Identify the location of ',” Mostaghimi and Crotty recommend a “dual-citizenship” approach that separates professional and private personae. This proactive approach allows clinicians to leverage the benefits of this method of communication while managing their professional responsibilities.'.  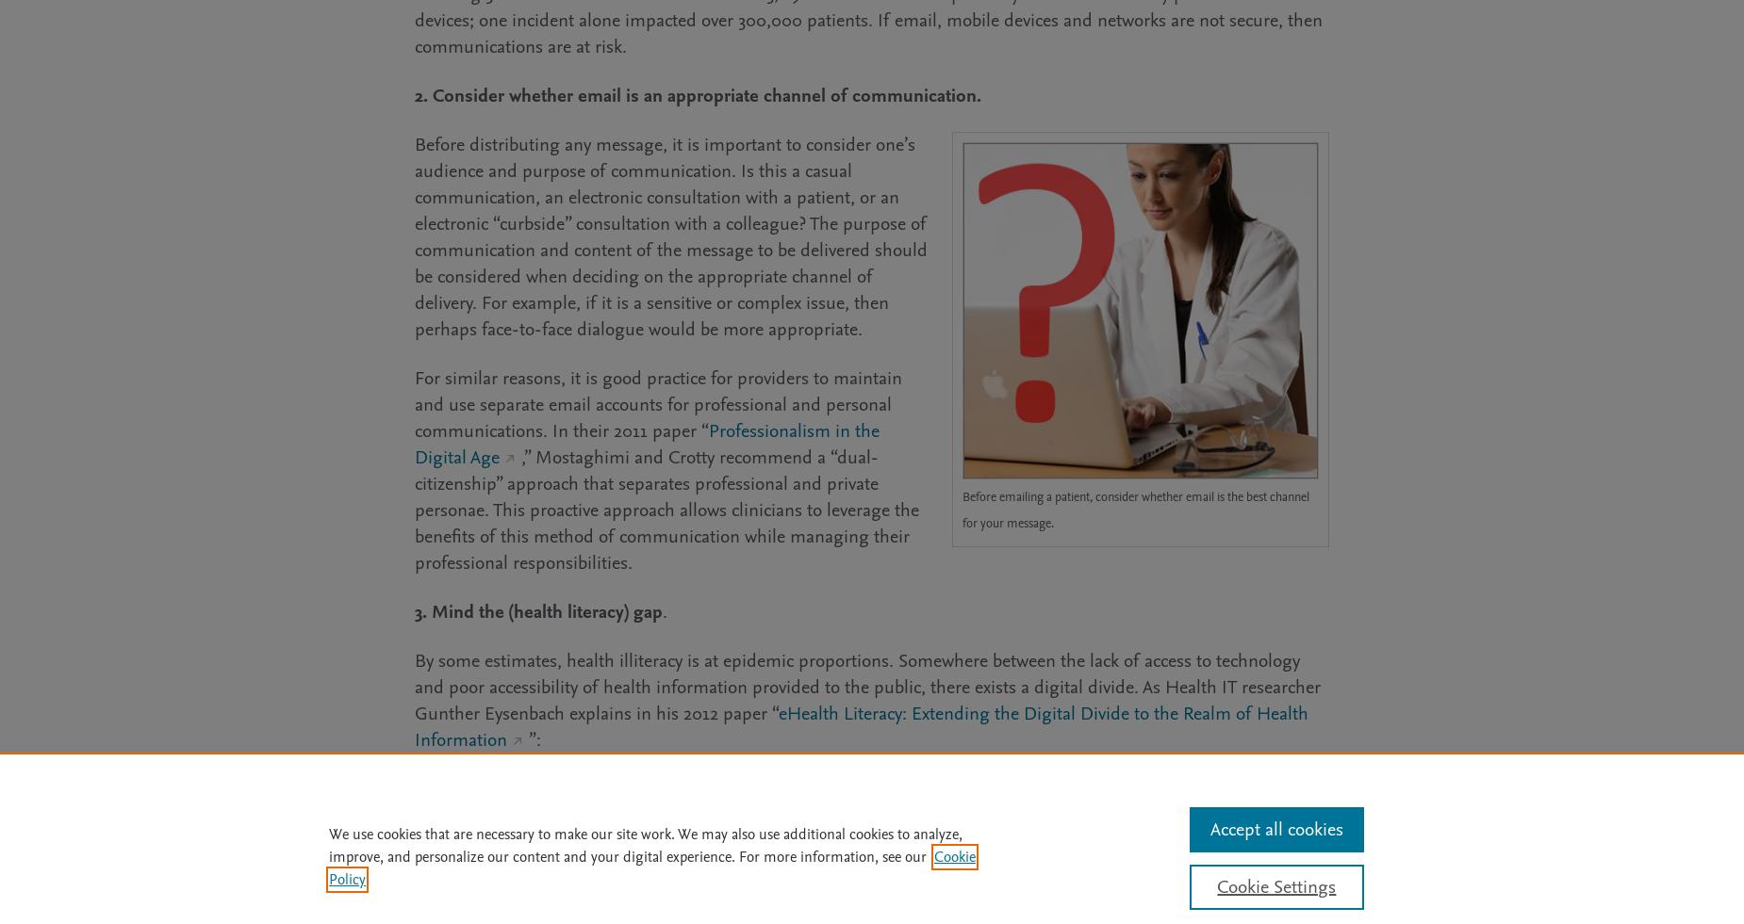
(413, 510).